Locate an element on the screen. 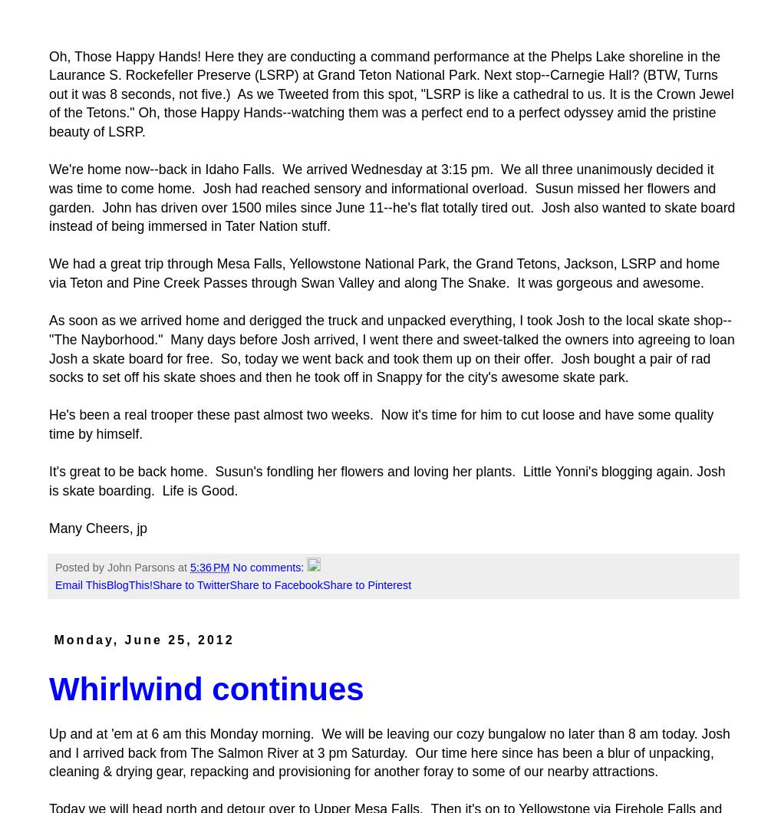  'Share to Pinterest' is located at coordinates (367, 584).